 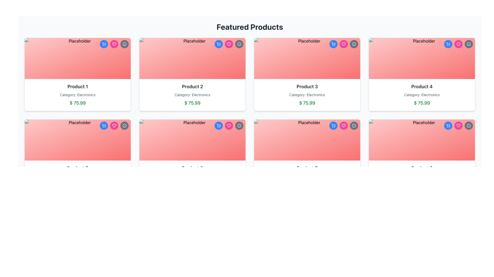 I want to click on the shopping cart icon, which is styled in minimalistic line art within a blue circular background, so click(x=448, y=125).